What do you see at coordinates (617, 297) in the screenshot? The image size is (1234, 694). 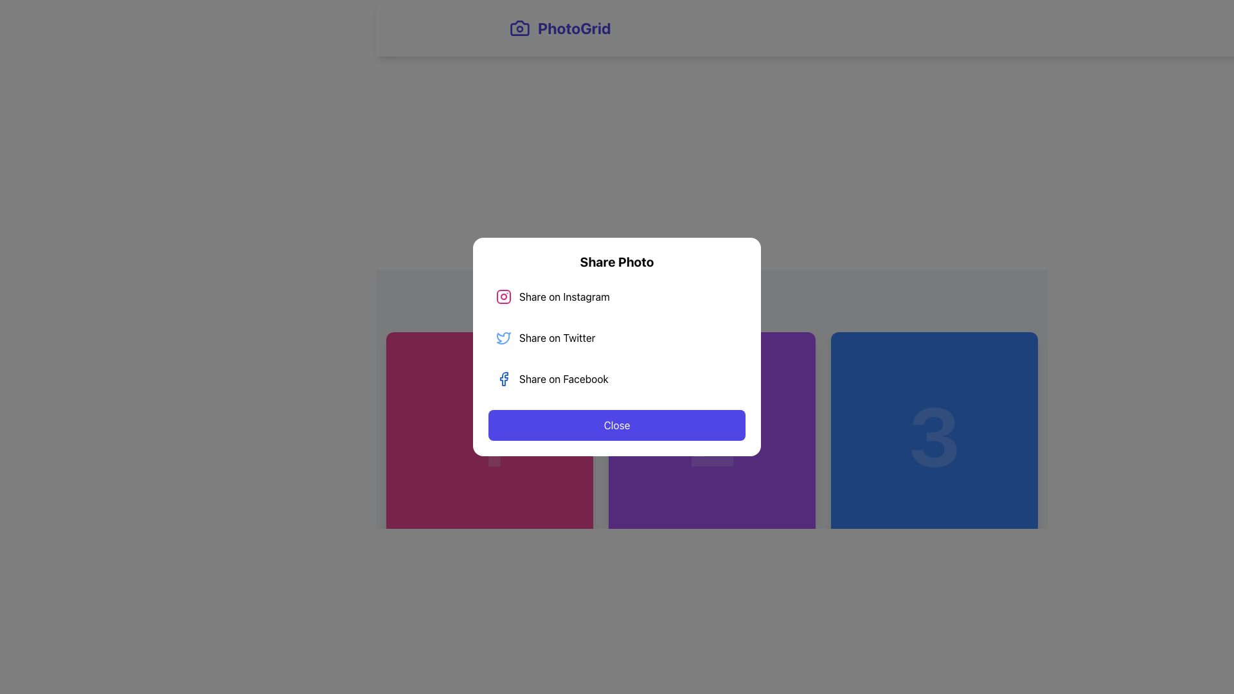 I see `the Instagram share button located in the modal dialog titled 'Share Photo', which is the first option in the vertical list of sharing options` at bounding box center [617, 297].